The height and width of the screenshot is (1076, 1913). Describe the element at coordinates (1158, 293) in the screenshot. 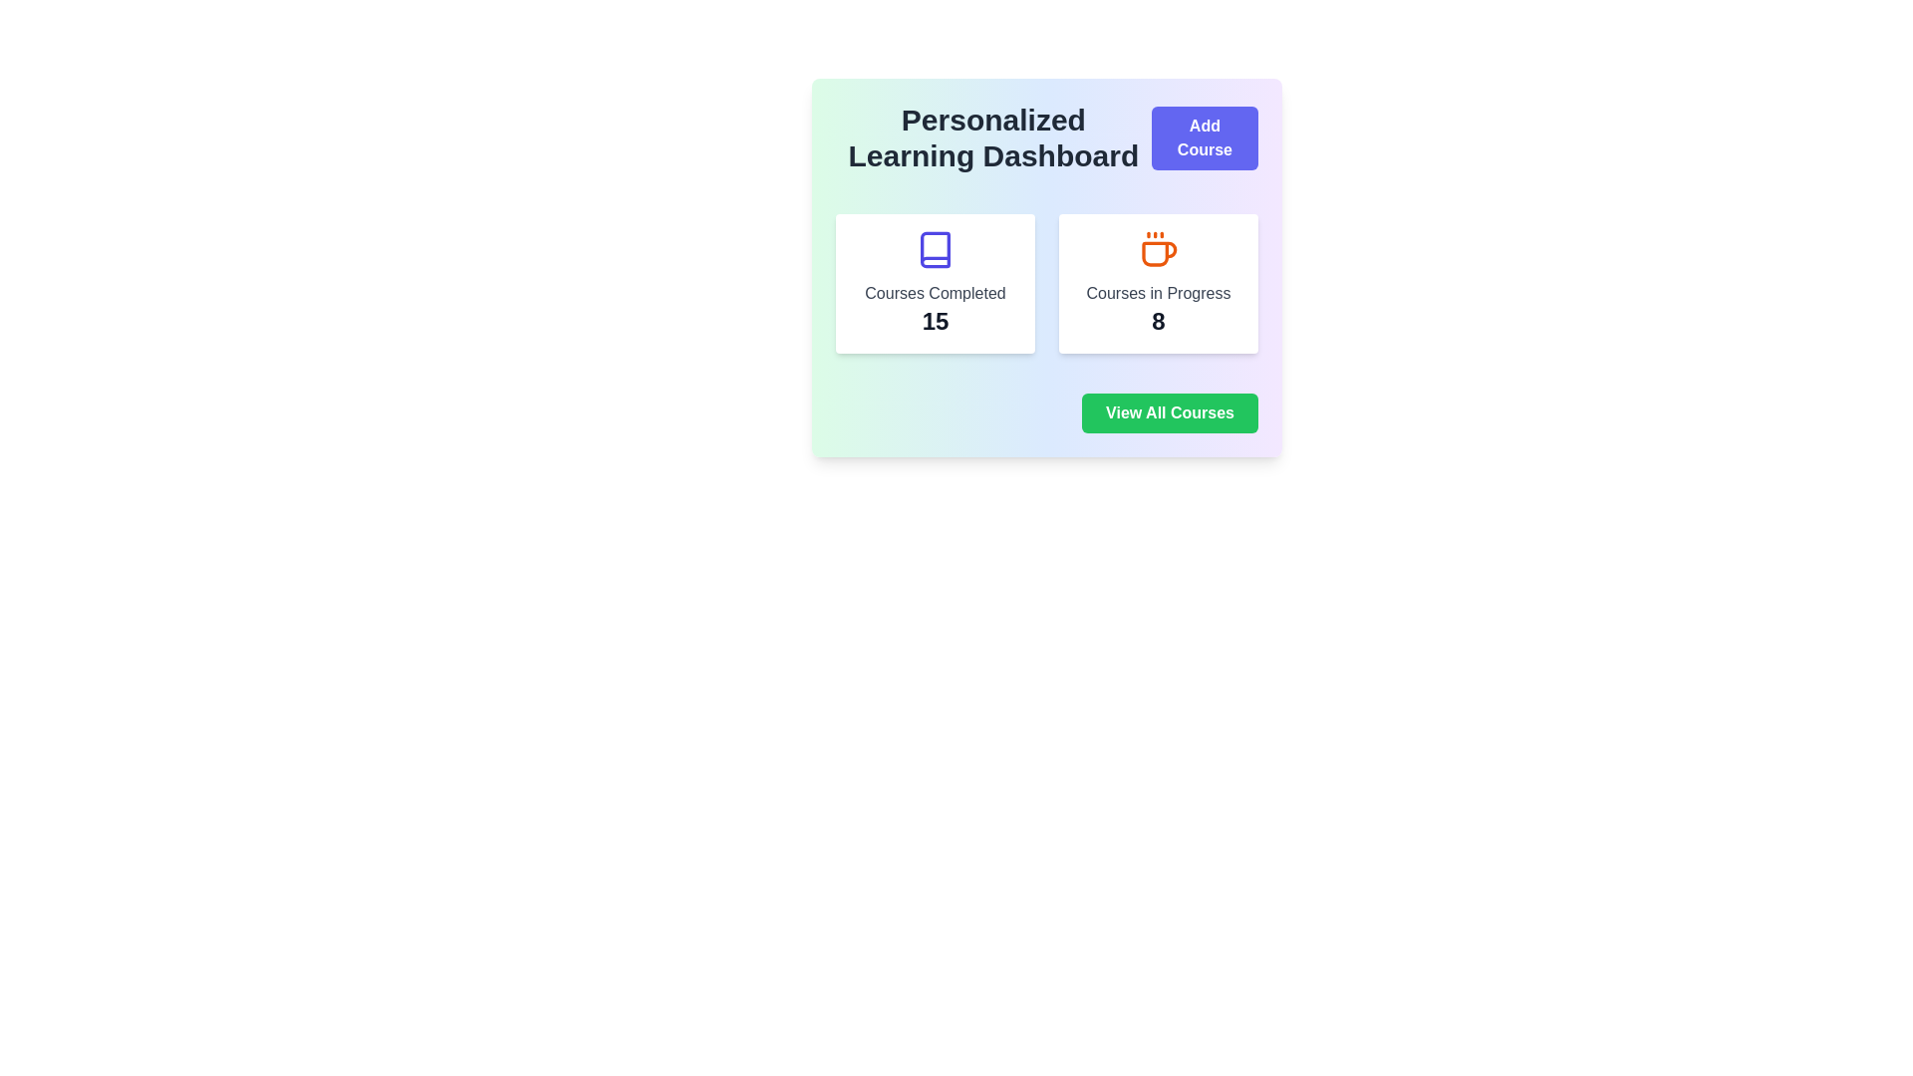

I see `the informational text label that describes the status of 'Courses in Progress', which is centered within a card on the right of the two-card layout under the title 'Personalized Learning Dashboard'` at that location.